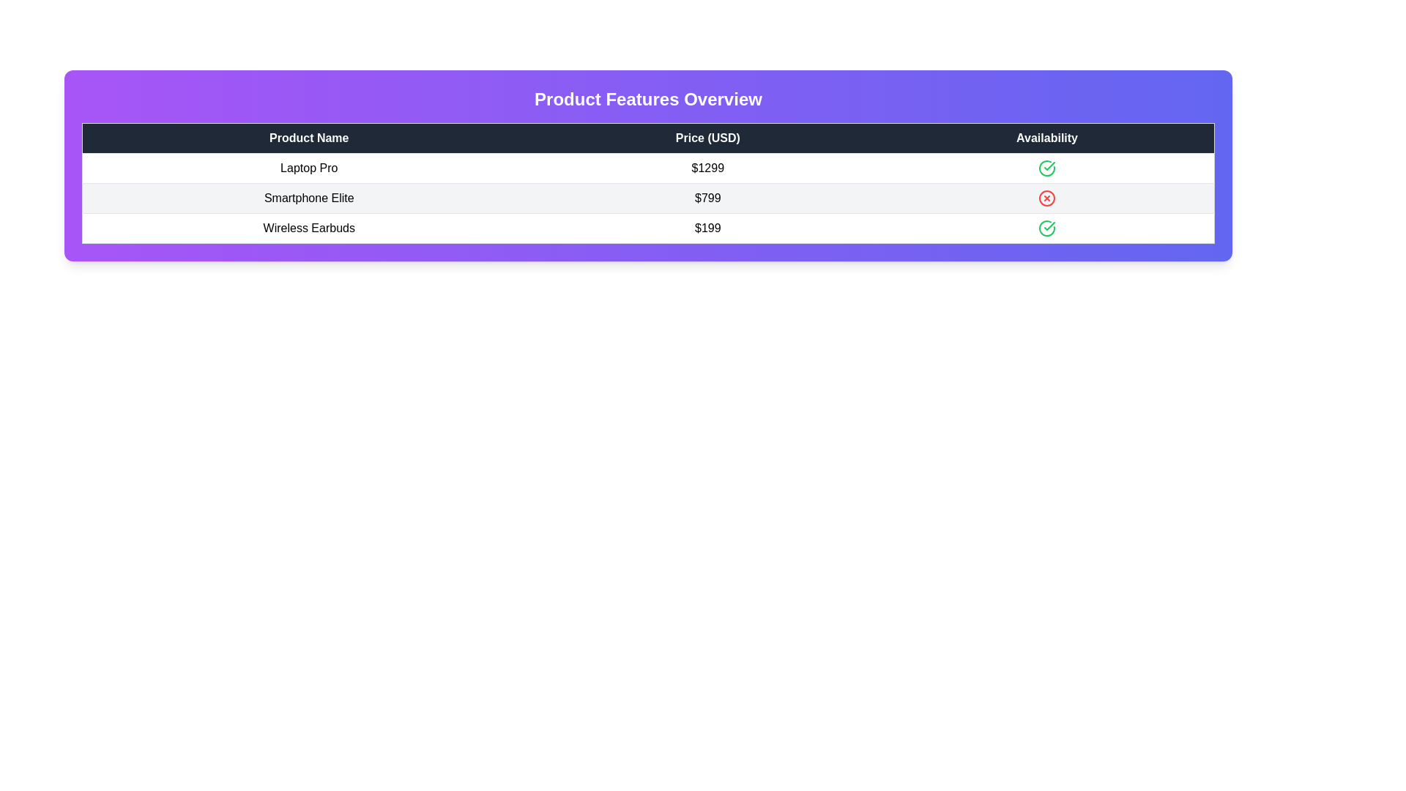  What do you see at coordinates (1049, 166) in the screenshot?
I see `the checkmark icon representing successful status for 'Wireless Earbuds' in the 'Availability' column of the table` at bounding box center [1049, 166].